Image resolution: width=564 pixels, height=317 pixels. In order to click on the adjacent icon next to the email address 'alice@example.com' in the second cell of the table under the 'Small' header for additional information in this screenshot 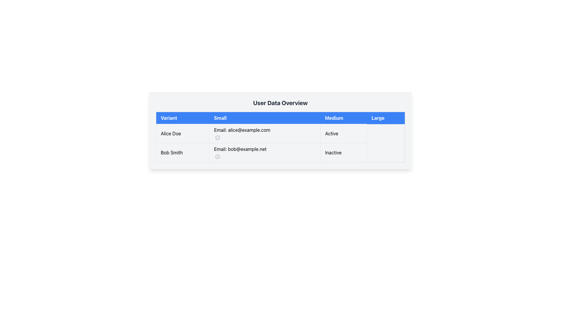, I will do `click(264, 134)`.